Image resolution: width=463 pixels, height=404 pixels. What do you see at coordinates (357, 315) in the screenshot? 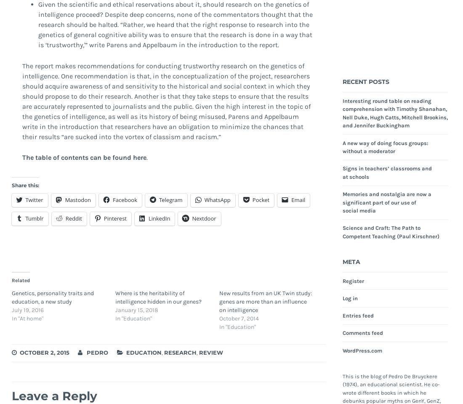
I see `'Entries feed'` at bounding box center [357, 315].